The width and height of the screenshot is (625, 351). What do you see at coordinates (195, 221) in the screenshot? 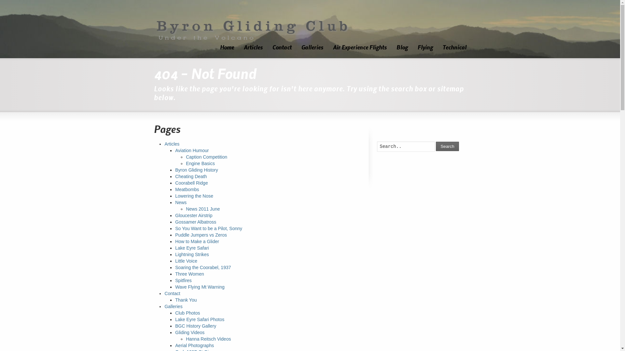
I see `'Gossamer Albatross'` at bounding box center [195, 221].